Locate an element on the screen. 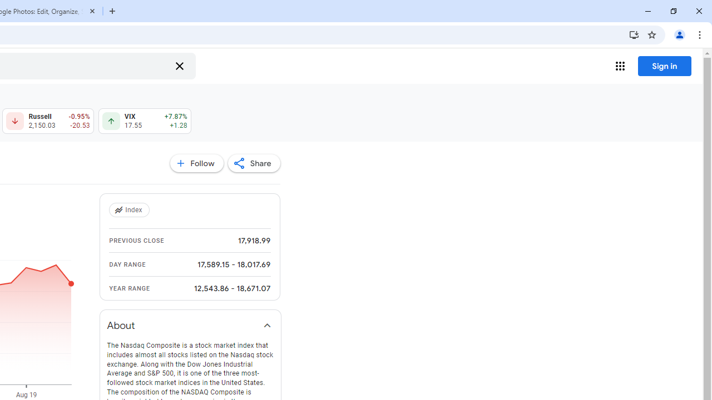 The image size is (712, 400). 'Index' is located at coordinates (130, 210).